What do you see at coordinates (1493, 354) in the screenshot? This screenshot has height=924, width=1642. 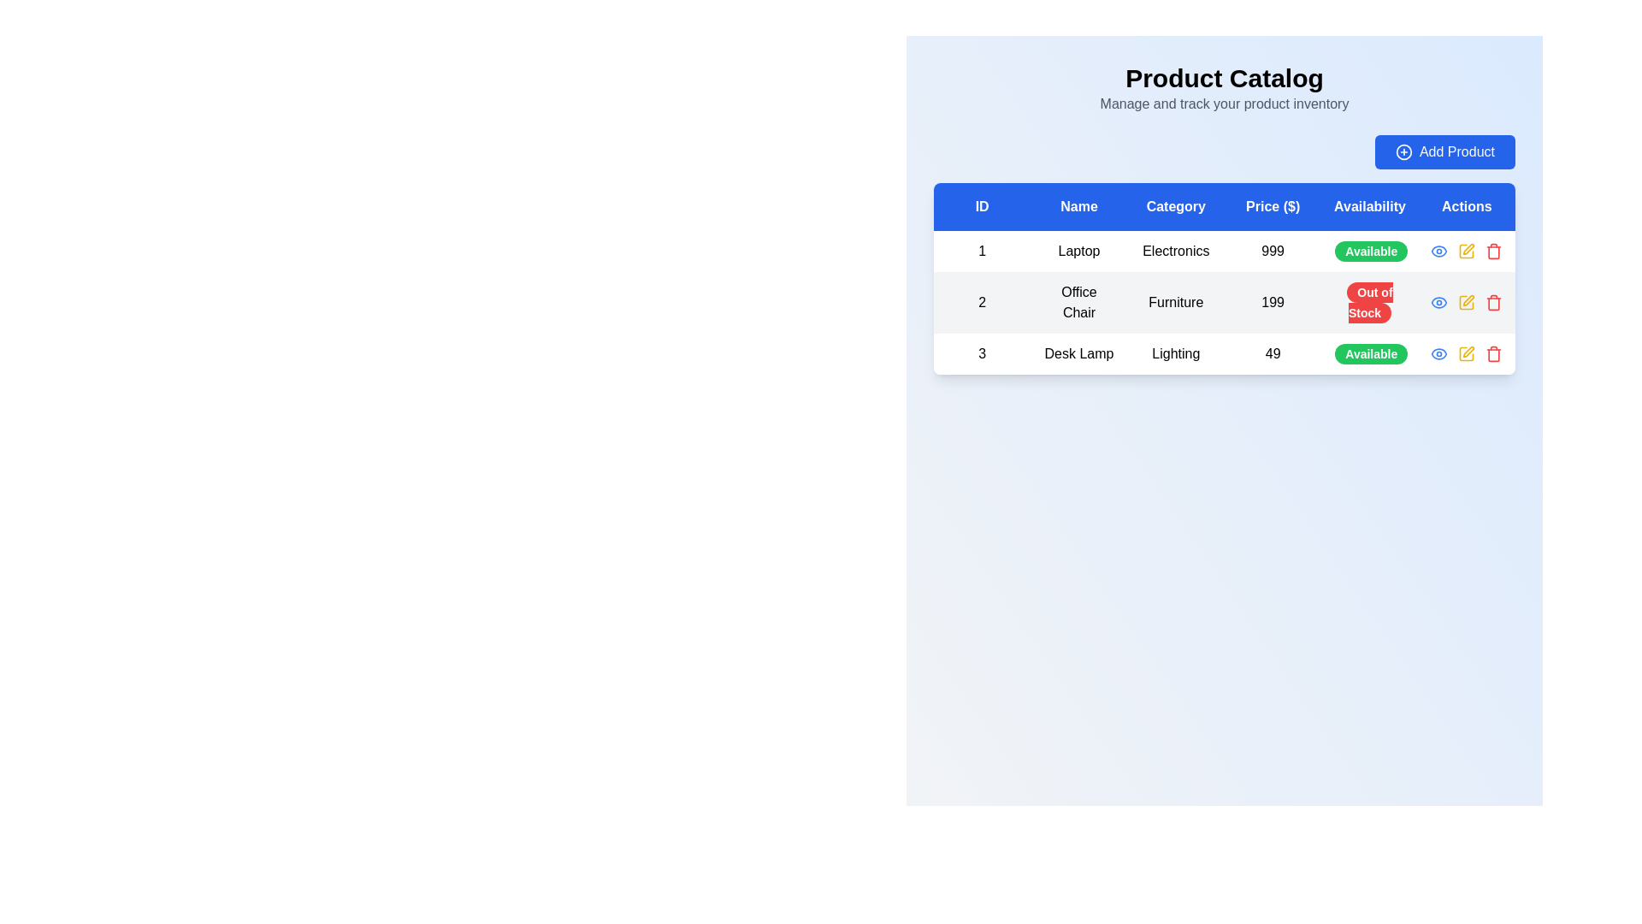 I see `the delete button icon, which is the third icon from the left in the 'Actions' column of the third row of the table` at bounding box center [1493, 354].